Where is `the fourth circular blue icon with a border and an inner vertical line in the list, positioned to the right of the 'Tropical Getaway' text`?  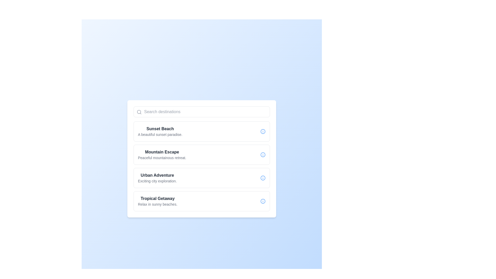 the fourth circular blue icon with a border and an inner vertical line in the list, positioned to the right of the 'Tropical Getaway' text is located at coordinates (263, 201).